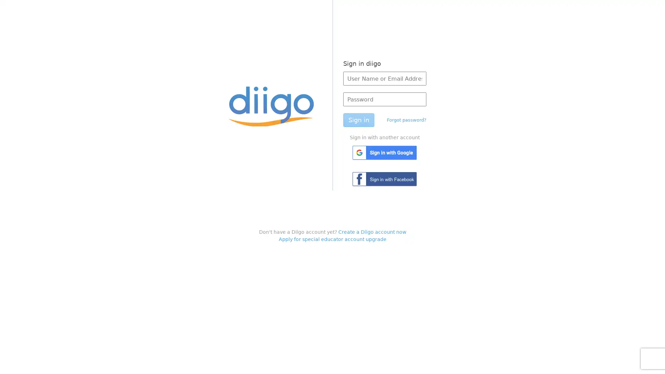 Image resolution: width=665 pixels, height=374 pixels. Describe the element at coordinates (358, 120) in the screenshot. I see `Sign in` at that location.